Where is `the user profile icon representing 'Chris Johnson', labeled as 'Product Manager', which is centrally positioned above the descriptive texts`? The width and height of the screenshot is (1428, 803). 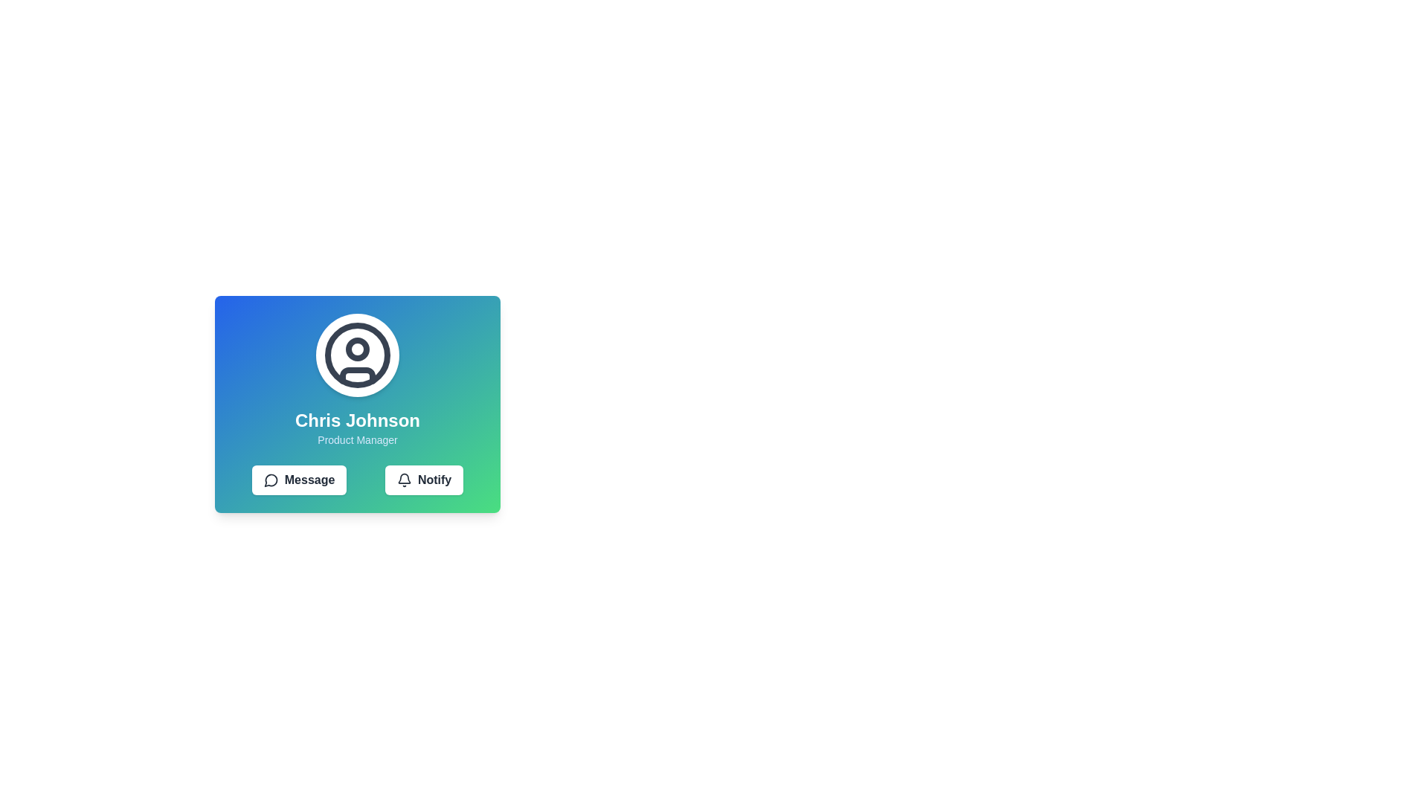 the user profile icon representing 'Chris Johnson', labeled as 'Product Manager', which is centrally positioned above the descriptive texts is located at coordinates (357, 355).